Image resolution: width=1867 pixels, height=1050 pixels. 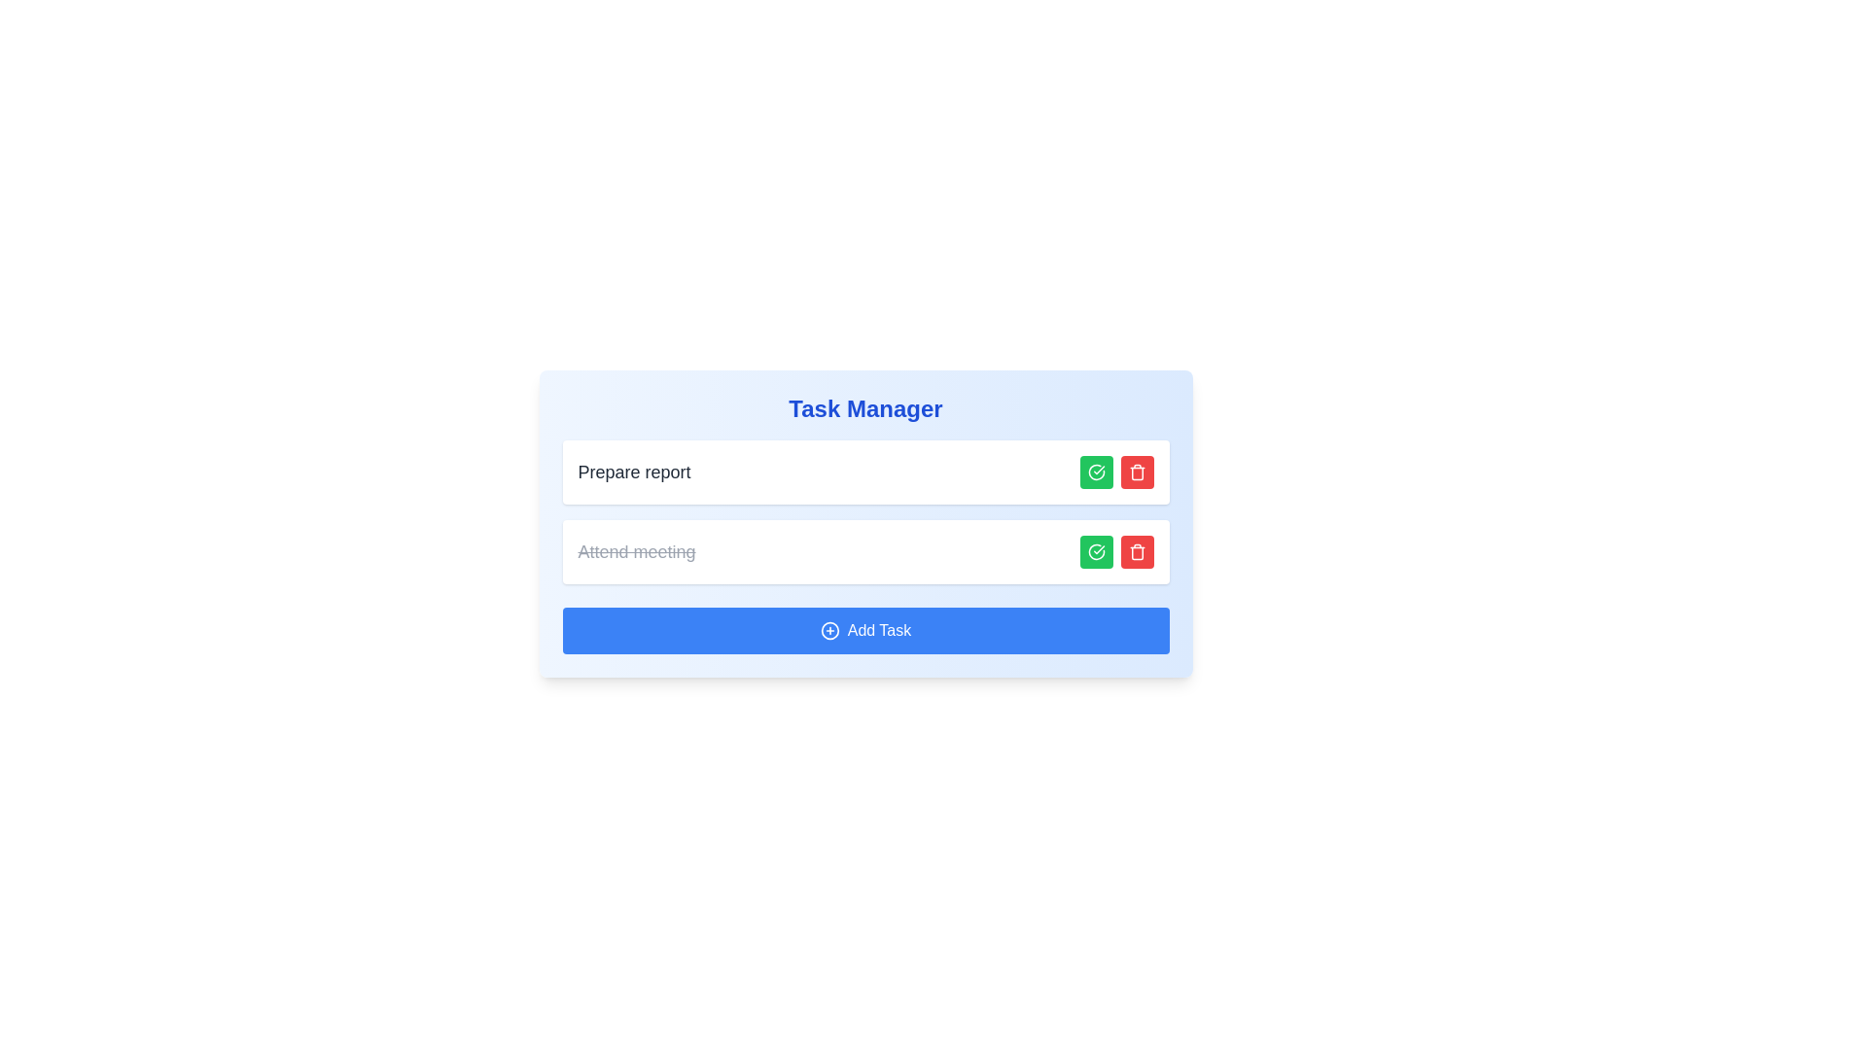 What do you see at coordinates (1096, 472) in the screenshot?
I see `the green rectangular button with a checkmark icon in the 'Prepare report' task to observe the hover effects` at bounding box center [1096, 472].